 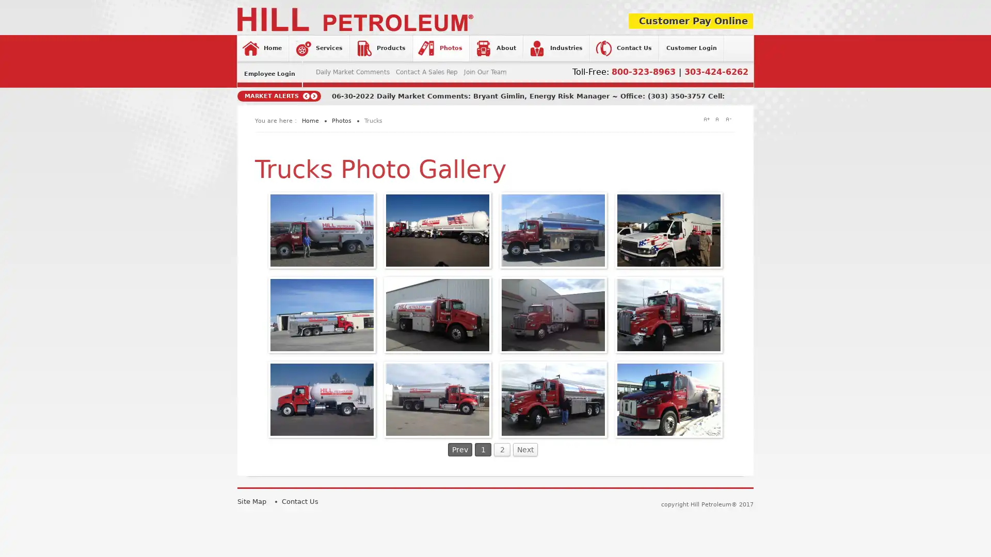 I want to click on Login, so click(x=427, y=187).